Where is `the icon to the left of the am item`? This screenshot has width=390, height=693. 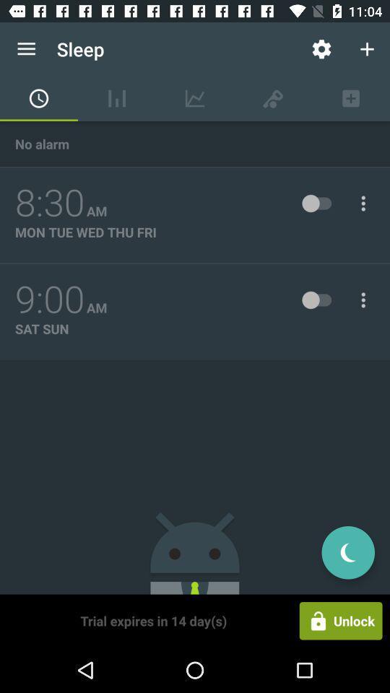 the icon to the left of the am item is located at coordinates (49, 202).